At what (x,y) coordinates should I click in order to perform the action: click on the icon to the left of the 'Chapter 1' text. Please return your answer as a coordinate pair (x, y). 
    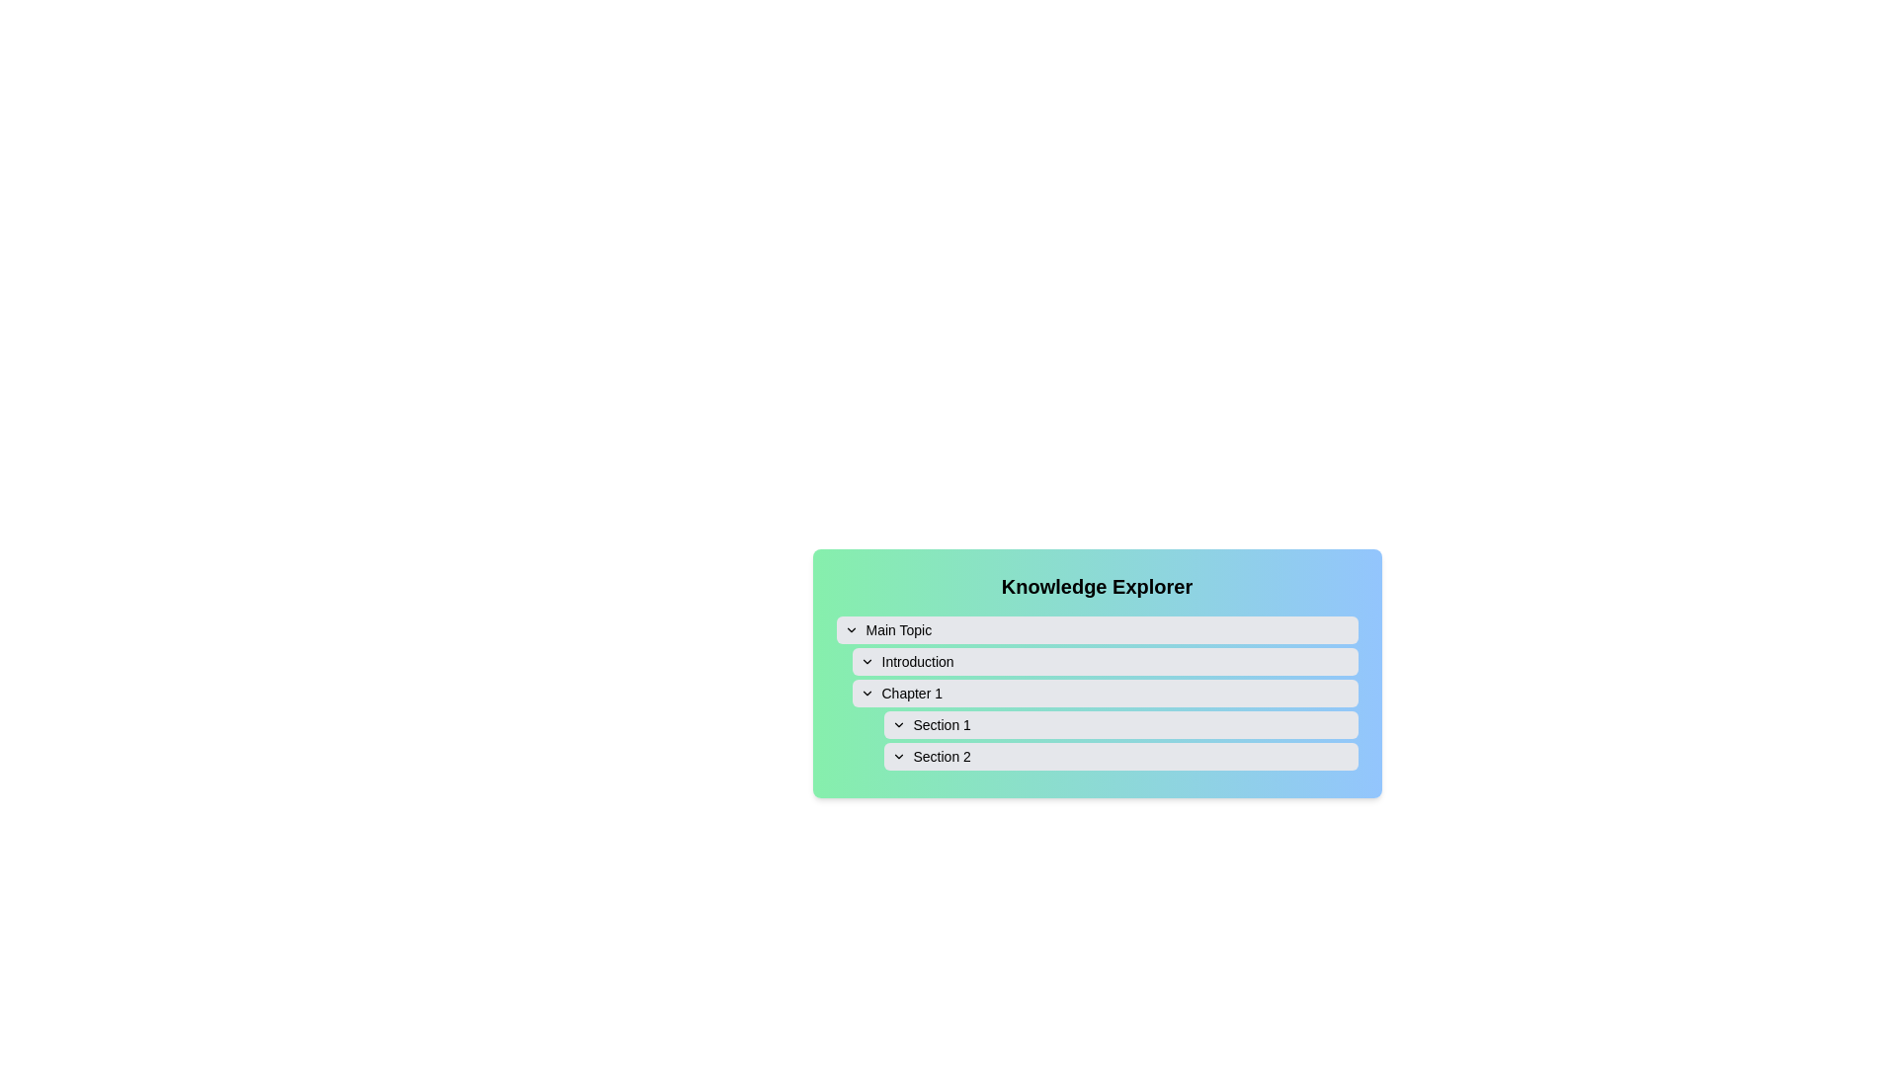
    Looking at the image, I should click on (866, 693).